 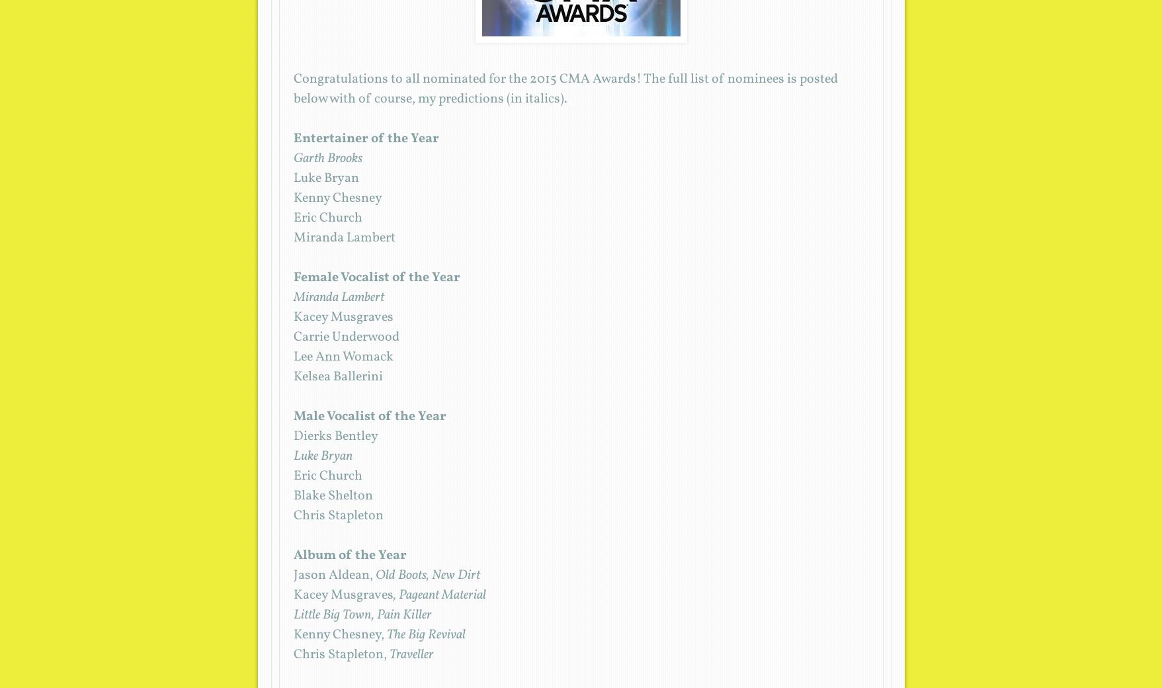 What do you see at coordinates (362, 615) in the screenshot?
I see `'Little Big Town, Pain Killer'` at bounding box center [362, 615].